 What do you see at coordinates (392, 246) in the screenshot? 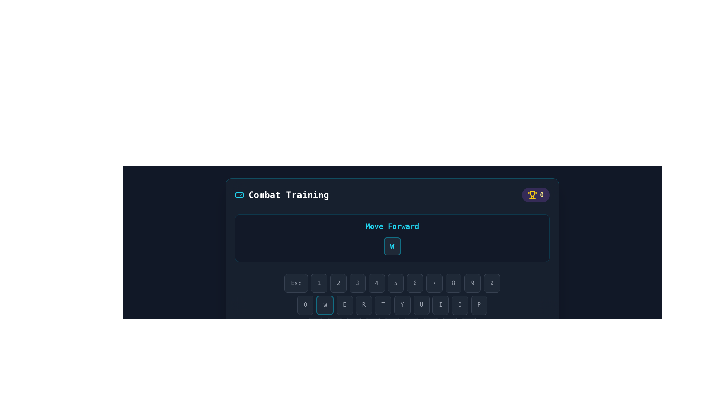
I see `the Virtual keyboard button that has a bold cyan 'W' text, a dark background, and is positioned below the 'Move Forward' text` at bounding box center [392, 246].